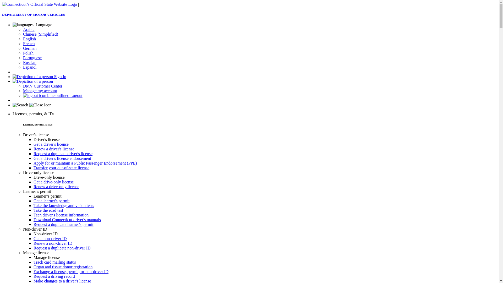 Image resolution: width=503 pixels, height=283 pixels. I want to click on 'Transfer your out-of-state license', so click(61, 168).